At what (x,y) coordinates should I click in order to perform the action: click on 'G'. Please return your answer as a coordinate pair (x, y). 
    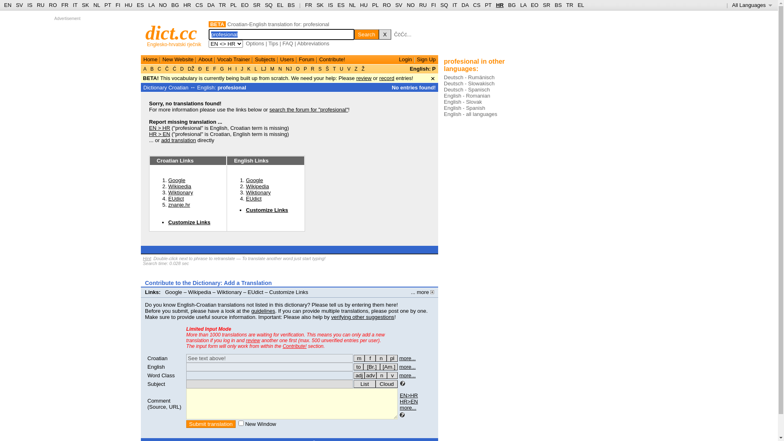
    Looking at the image, I should click on (222, 69).